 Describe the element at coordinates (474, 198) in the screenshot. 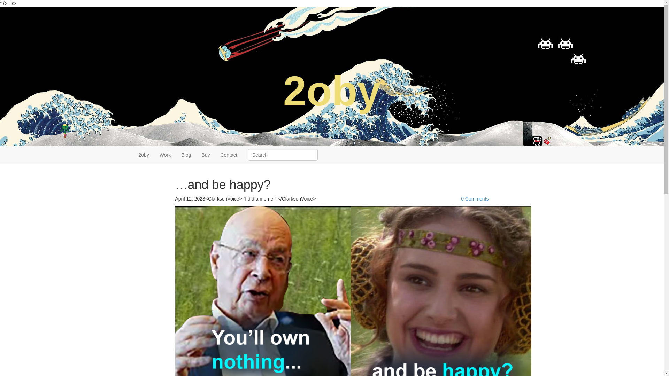

I see `'0 Comments'` at that location.